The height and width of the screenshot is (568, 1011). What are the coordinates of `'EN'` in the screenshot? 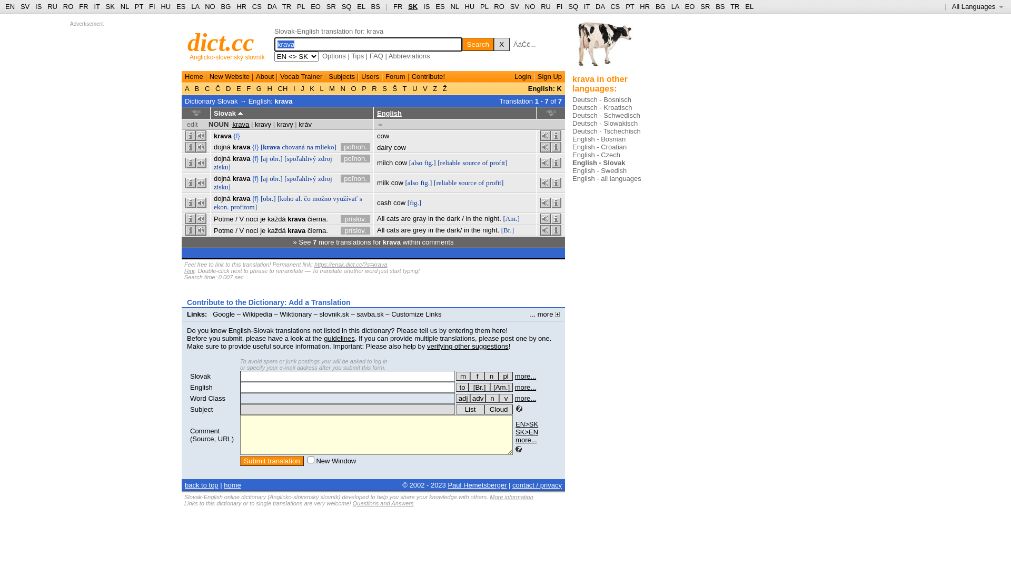 It's located at (10, 6).